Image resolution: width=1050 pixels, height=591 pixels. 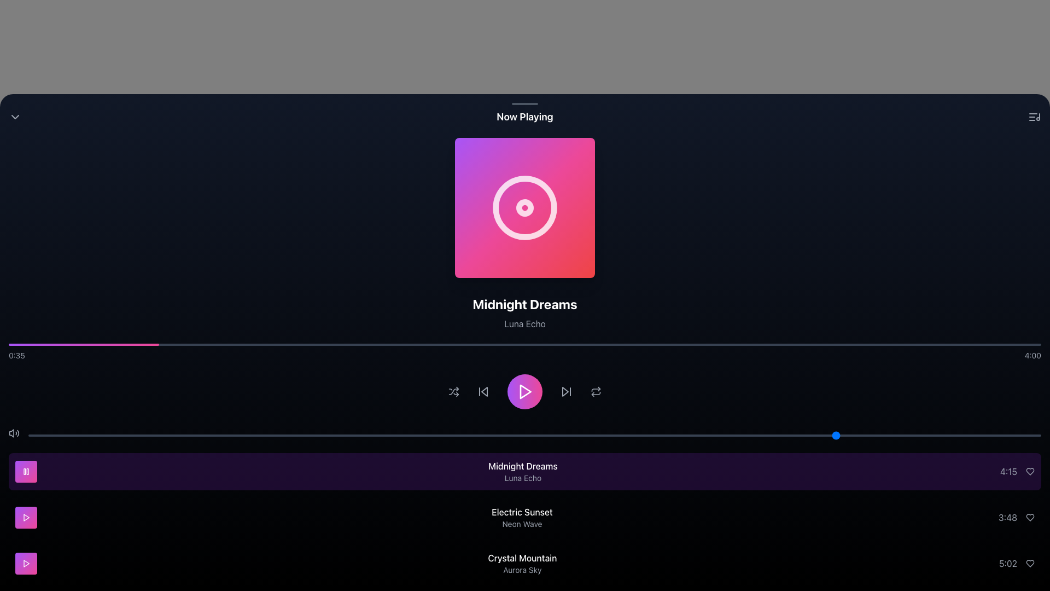 What do you see at coordinates (1029, 471) in the screenshot?
I see `the favorite button for the song 'Midnight Dreams' by 'Luna Echo' to mark it as a favorite` at bounding box center [1029, 471].